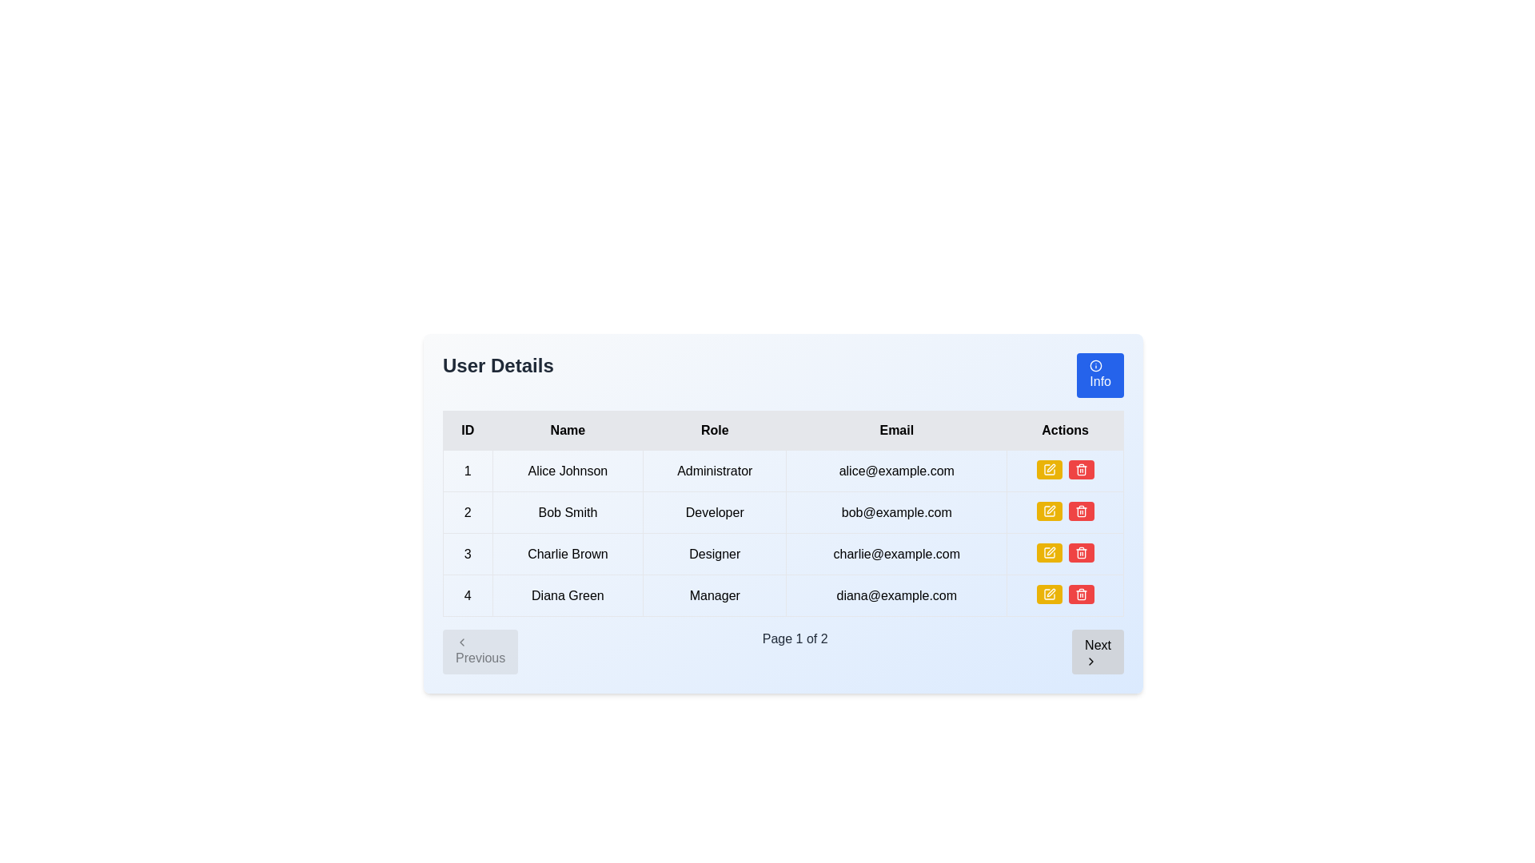 This screenshot has height=863, width=1535. What do you see at coordinates (1051, 467) in the screenshot?
I see `the yellow pen icon located in the 'Actions' column of the second row, next to 'bob@example.com'` at bounding box center [1051, 467].